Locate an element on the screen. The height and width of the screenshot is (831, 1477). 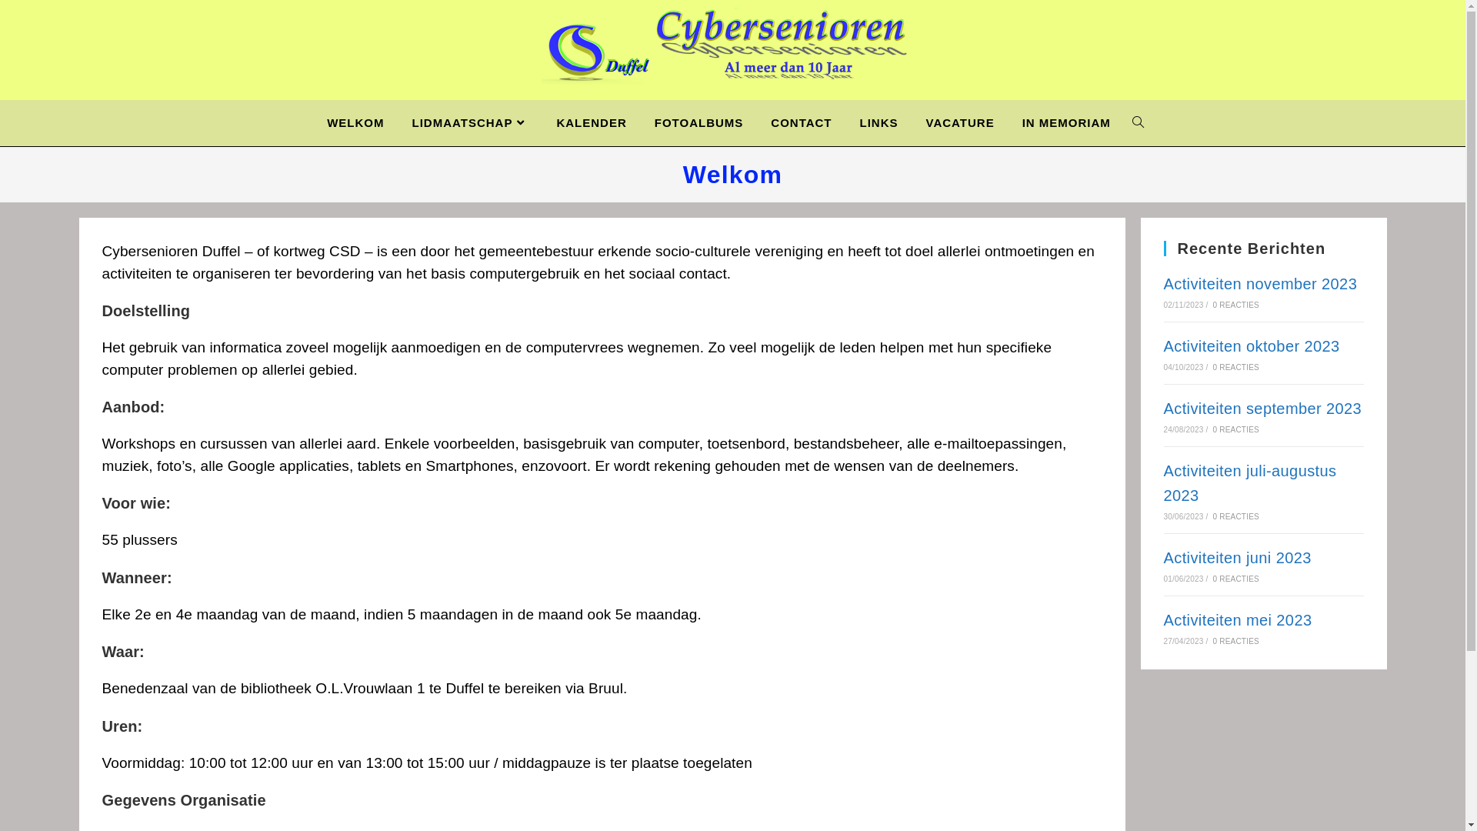
'Activiteiten mei 2023' is located at coordinates (1237, 619).